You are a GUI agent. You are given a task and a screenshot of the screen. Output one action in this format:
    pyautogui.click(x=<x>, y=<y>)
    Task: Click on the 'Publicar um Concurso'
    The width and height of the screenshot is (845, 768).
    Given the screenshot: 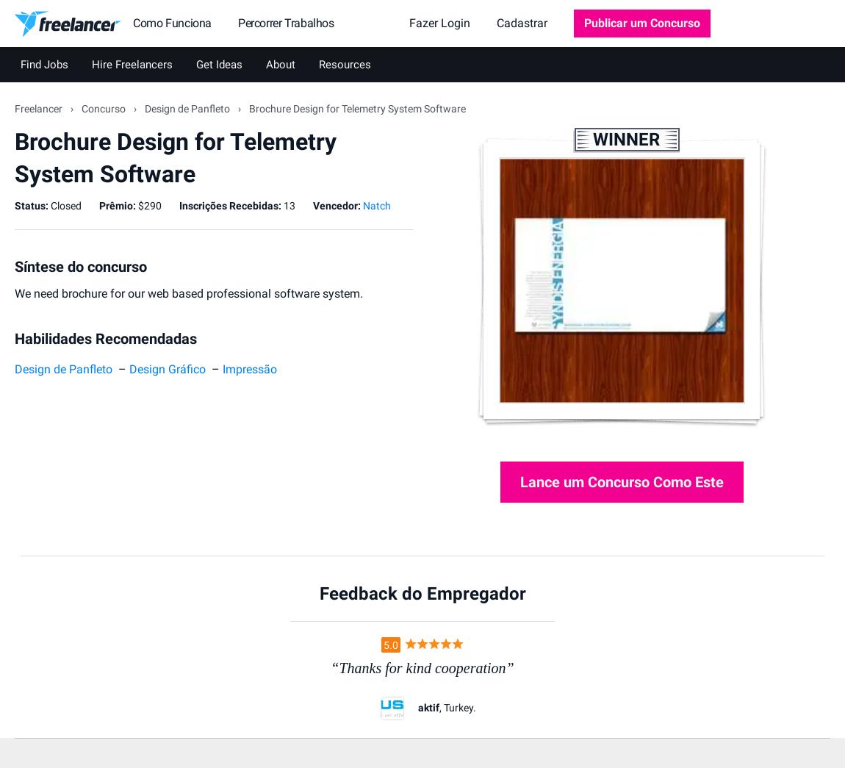 What is the action you would take?
    pyautogui.click(x=583, y=22)
    